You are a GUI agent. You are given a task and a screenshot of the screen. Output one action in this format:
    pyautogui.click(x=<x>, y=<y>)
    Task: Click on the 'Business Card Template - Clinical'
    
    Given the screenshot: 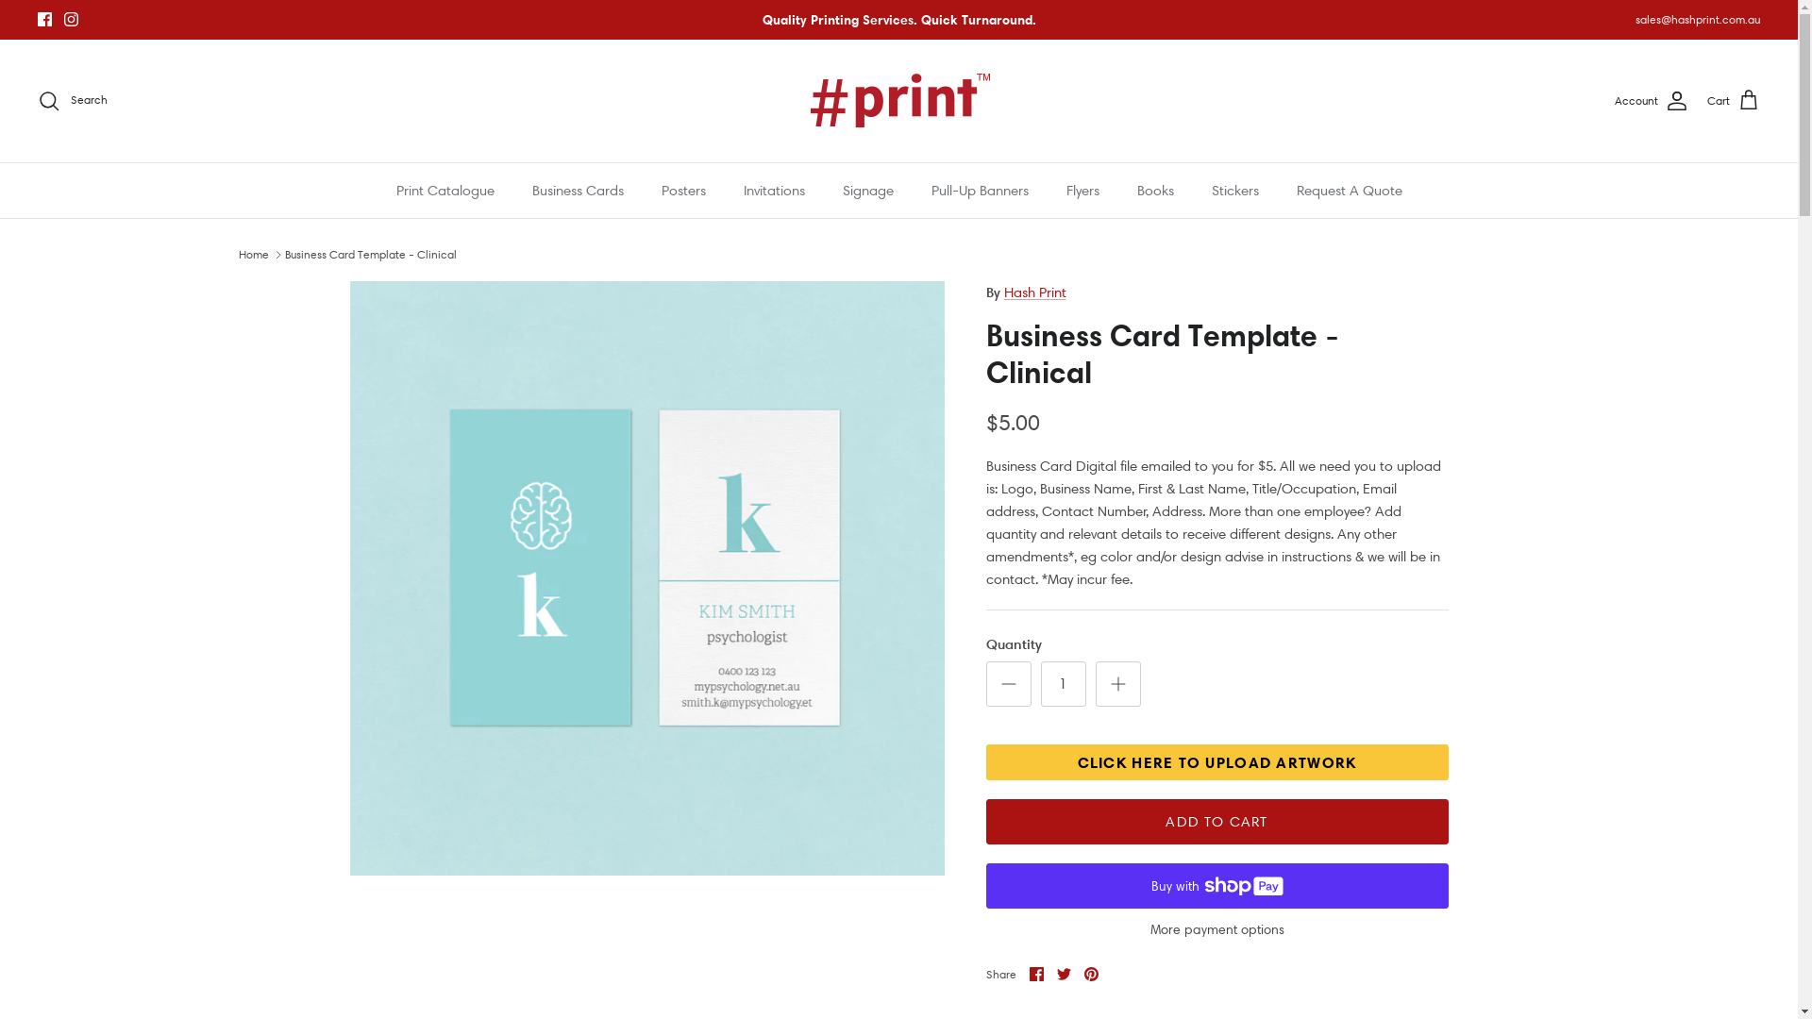 What is the action you would take?
    pyautogui.click(x=371, y=253)
    